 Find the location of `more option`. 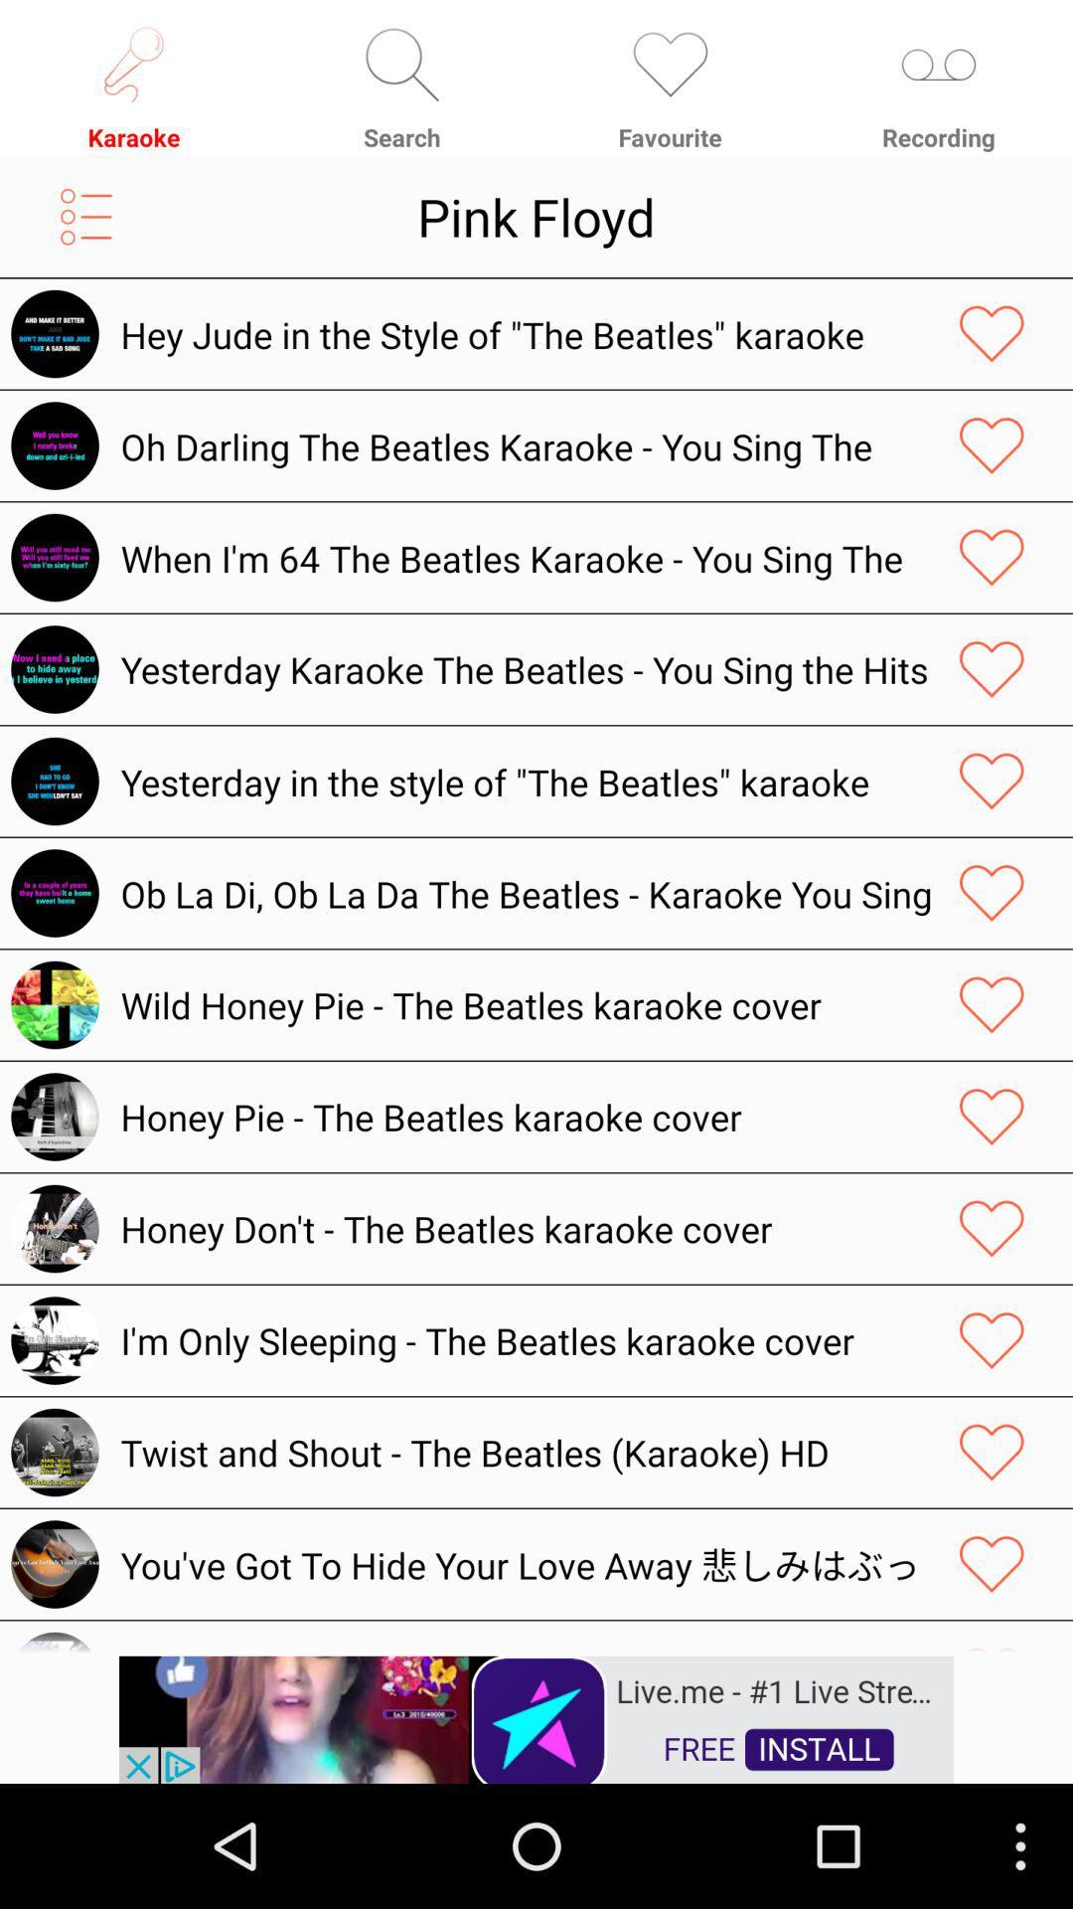

more option is located at coordinates (85, 217).